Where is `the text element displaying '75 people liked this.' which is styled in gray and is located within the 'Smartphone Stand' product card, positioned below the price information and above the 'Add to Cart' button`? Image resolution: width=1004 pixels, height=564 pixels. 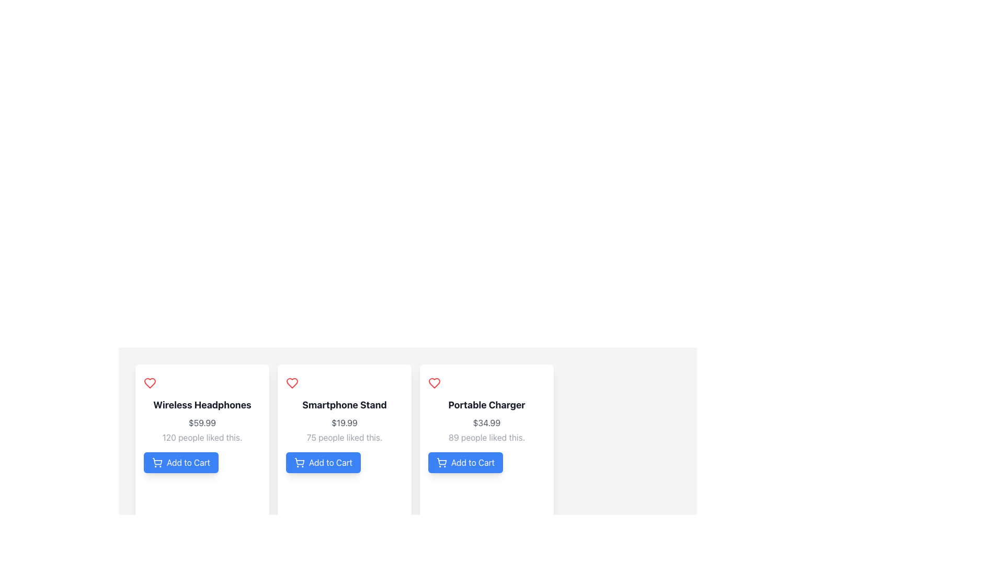
the text element displaying '75 people liked this.' which is styled in gray and is located within the 'Smartphone Stand' product card, positioned below the price information and above the 'Add to Cart' button is located at coordinates (344, 437).